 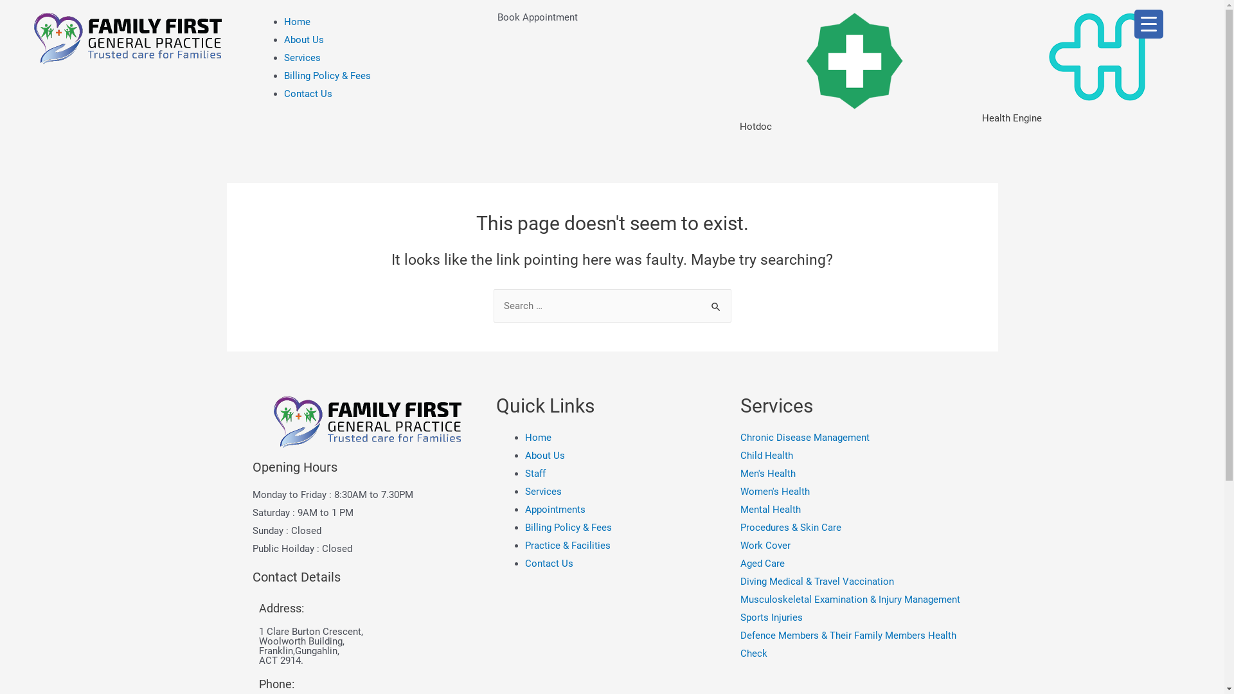 I want to click on 'Hotdoc', so click(x=756, y=126).